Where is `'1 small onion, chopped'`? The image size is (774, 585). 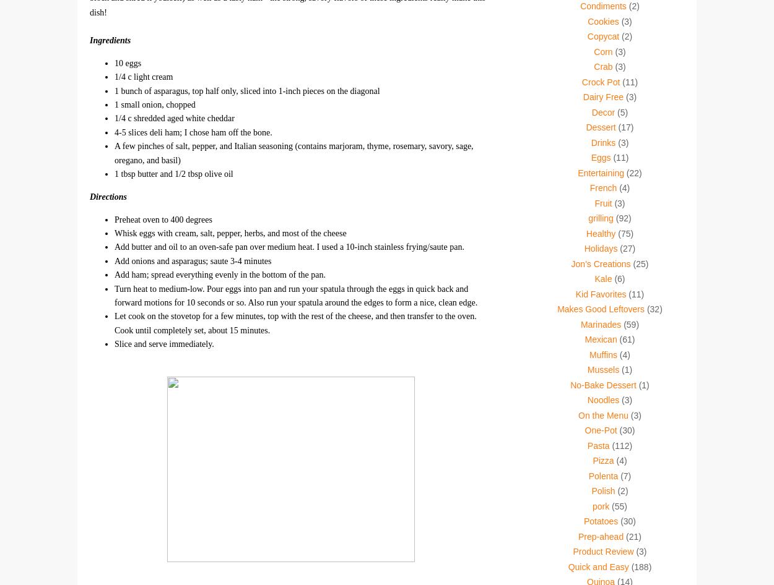
'1 small onion, chopped' is located at coordinates (115, 104).